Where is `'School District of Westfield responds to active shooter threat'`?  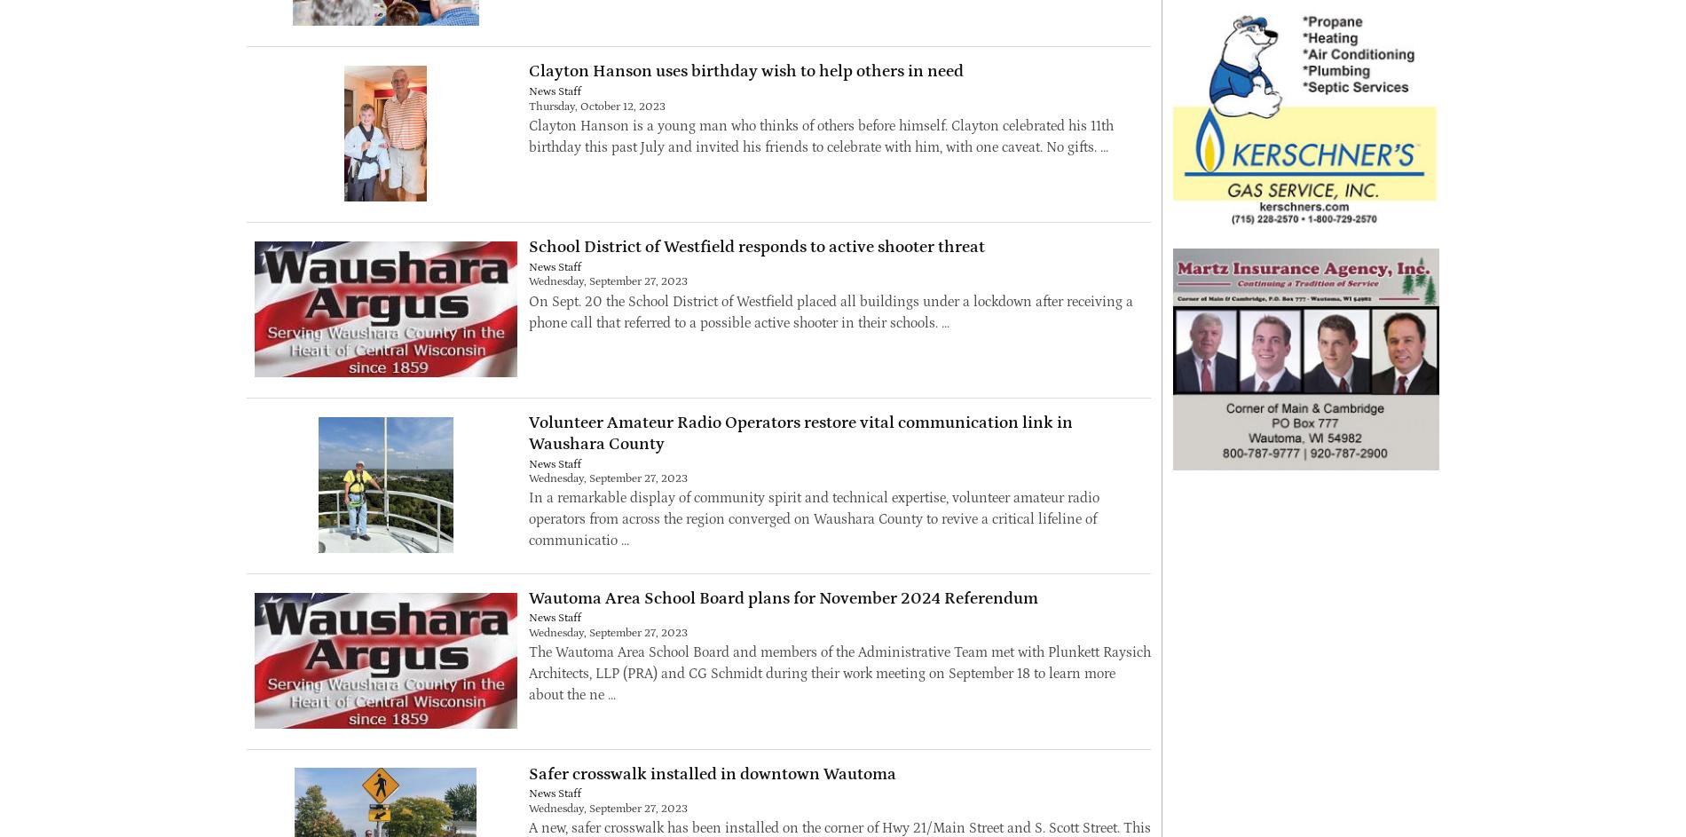
'School District of Westfield responds to active shooter threat' is located at coordinates (754, 246).